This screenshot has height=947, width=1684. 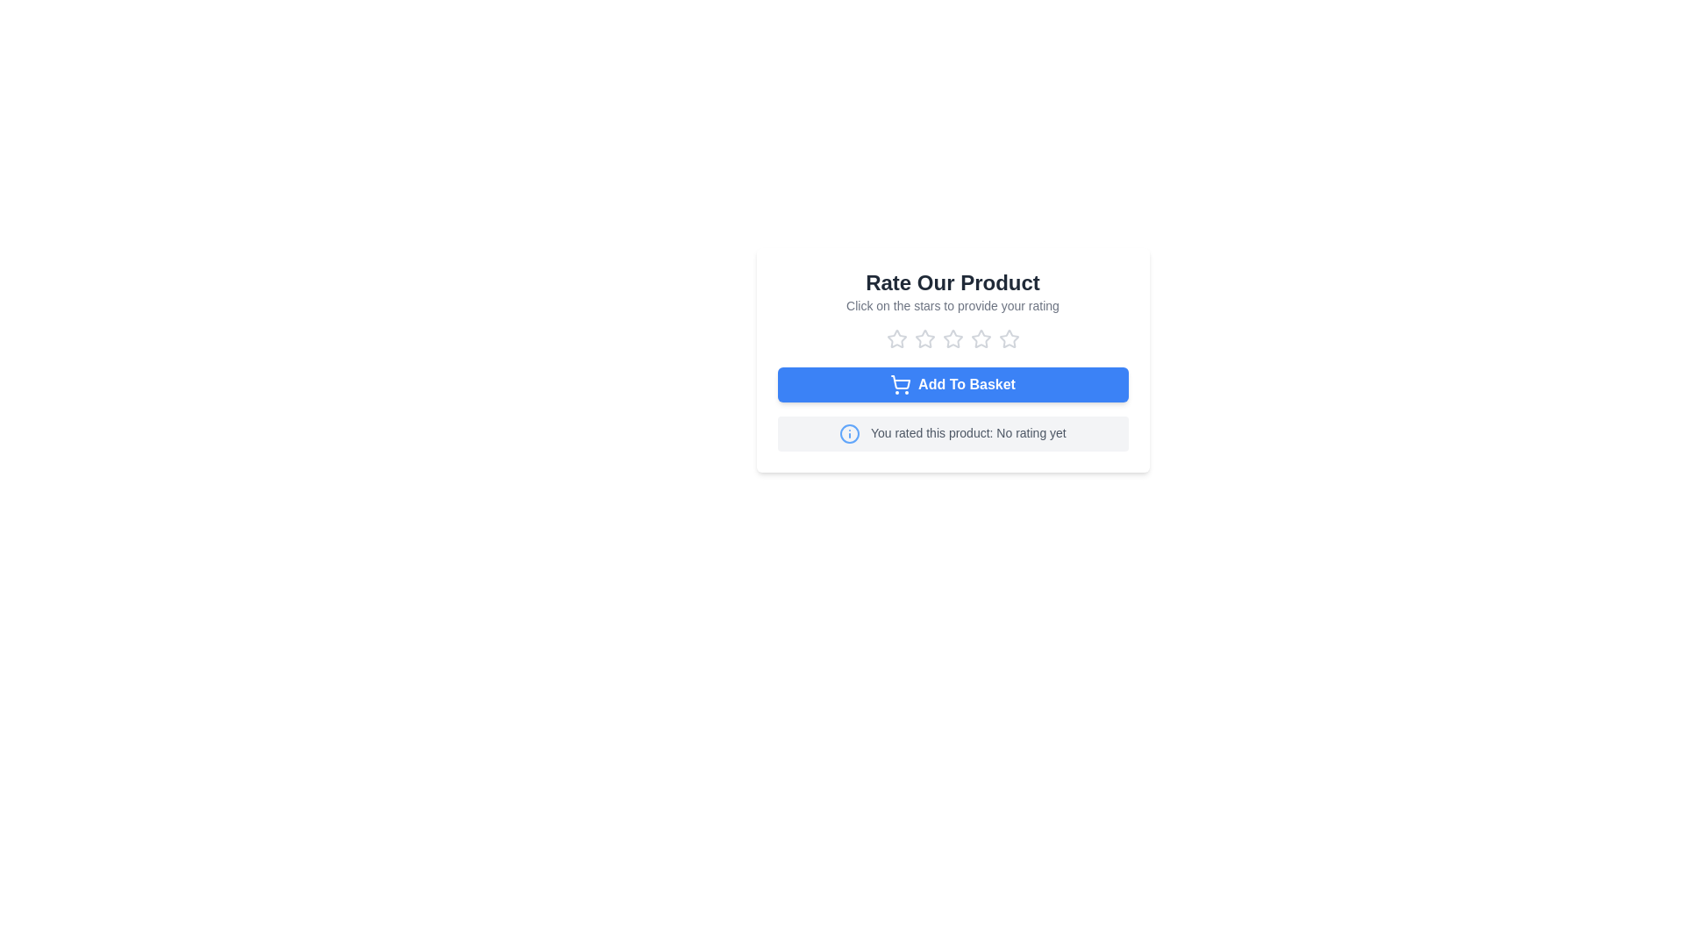 What do you see at coordinates (896, 338) in the screenshot?
I see `the first star icon in the rating row, which is styled as an outline of a star and is located immediately right of the label 'Rate Our Product'` at bounding box center [896, 338].